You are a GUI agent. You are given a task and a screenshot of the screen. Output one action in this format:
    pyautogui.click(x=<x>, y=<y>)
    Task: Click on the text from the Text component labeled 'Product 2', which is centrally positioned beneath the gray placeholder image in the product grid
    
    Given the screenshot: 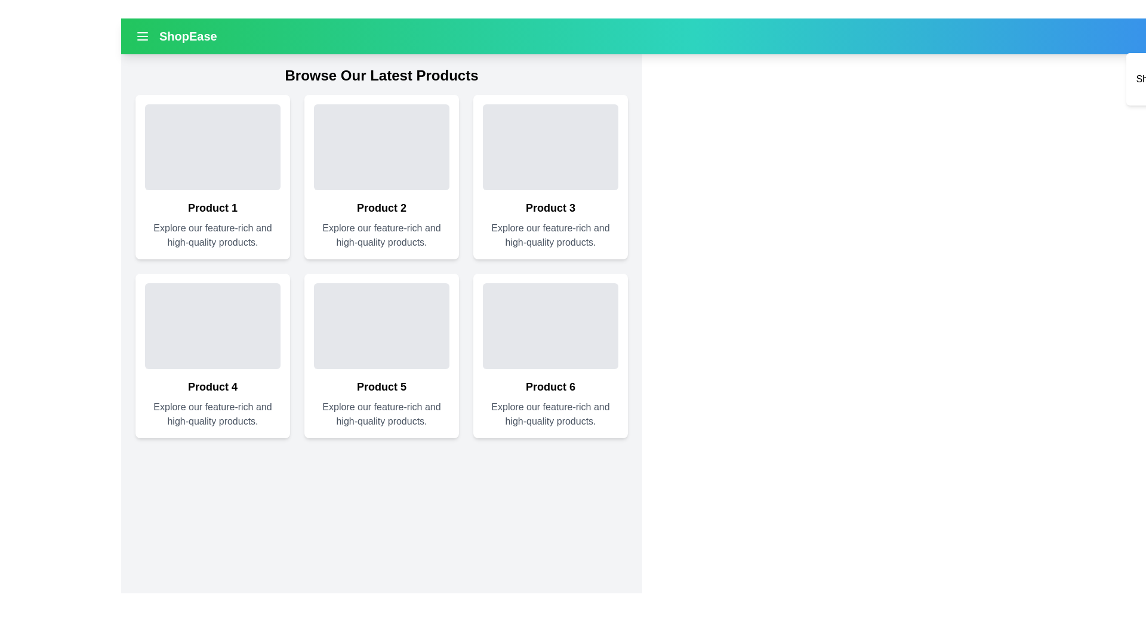 What is the action you would take?
    pyautogui.click(x=381, y=207)
    